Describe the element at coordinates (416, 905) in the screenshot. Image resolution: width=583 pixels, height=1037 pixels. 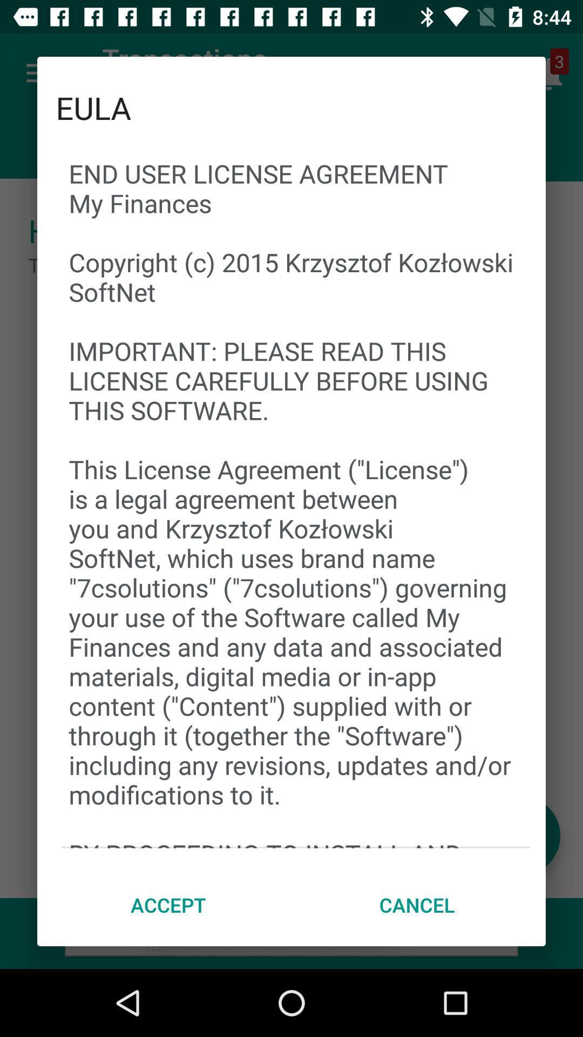
I see `icon to the right of accept` at that location.